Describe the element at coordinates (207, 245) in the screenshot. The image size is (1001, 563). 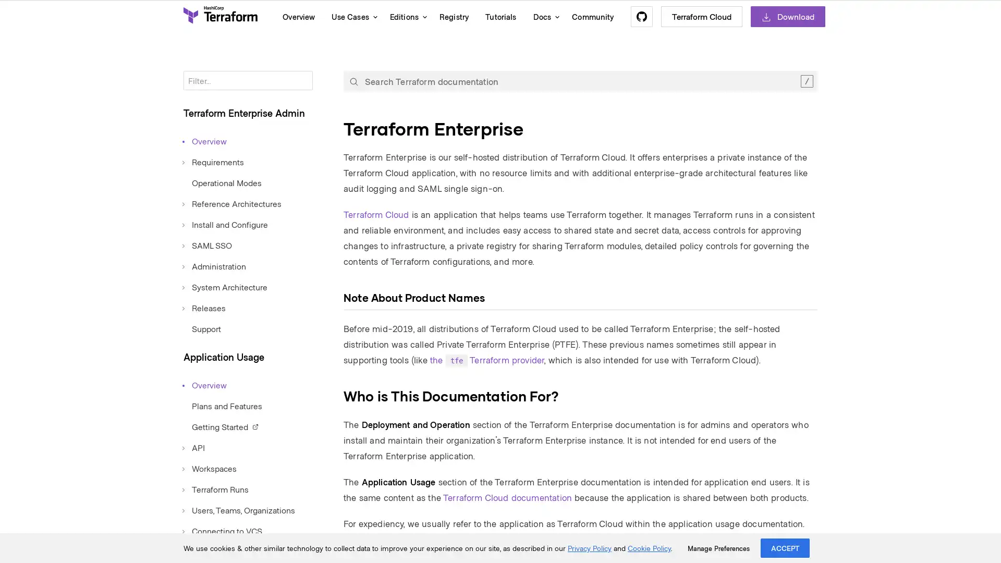
I see `SAML SSO` at that location.